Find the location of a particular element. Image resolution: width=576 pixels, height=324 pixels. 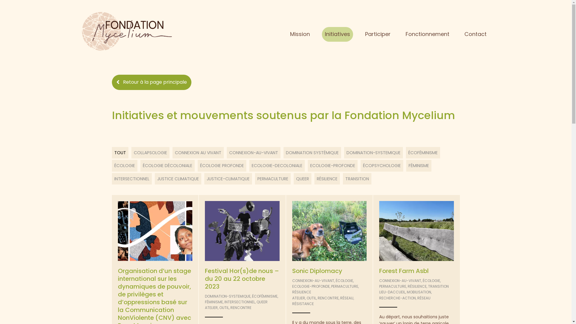

'TRANSITION' is located at coordinates (438, 286).